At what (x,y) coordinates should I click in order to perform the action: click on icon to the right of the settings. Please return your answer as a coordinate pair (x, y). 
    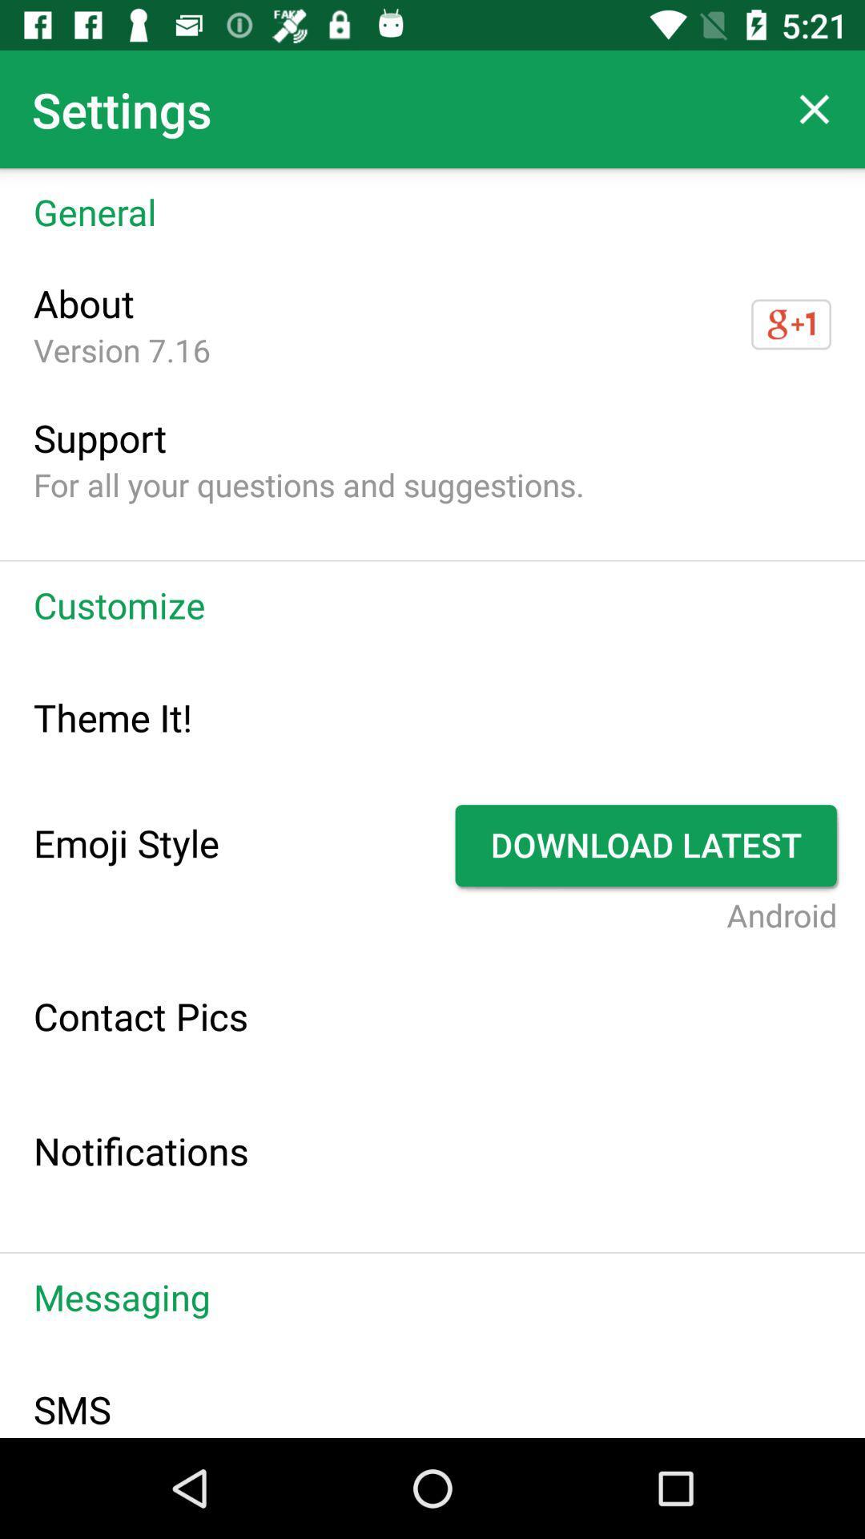
    Looking at the image, I should click on (815, 108).